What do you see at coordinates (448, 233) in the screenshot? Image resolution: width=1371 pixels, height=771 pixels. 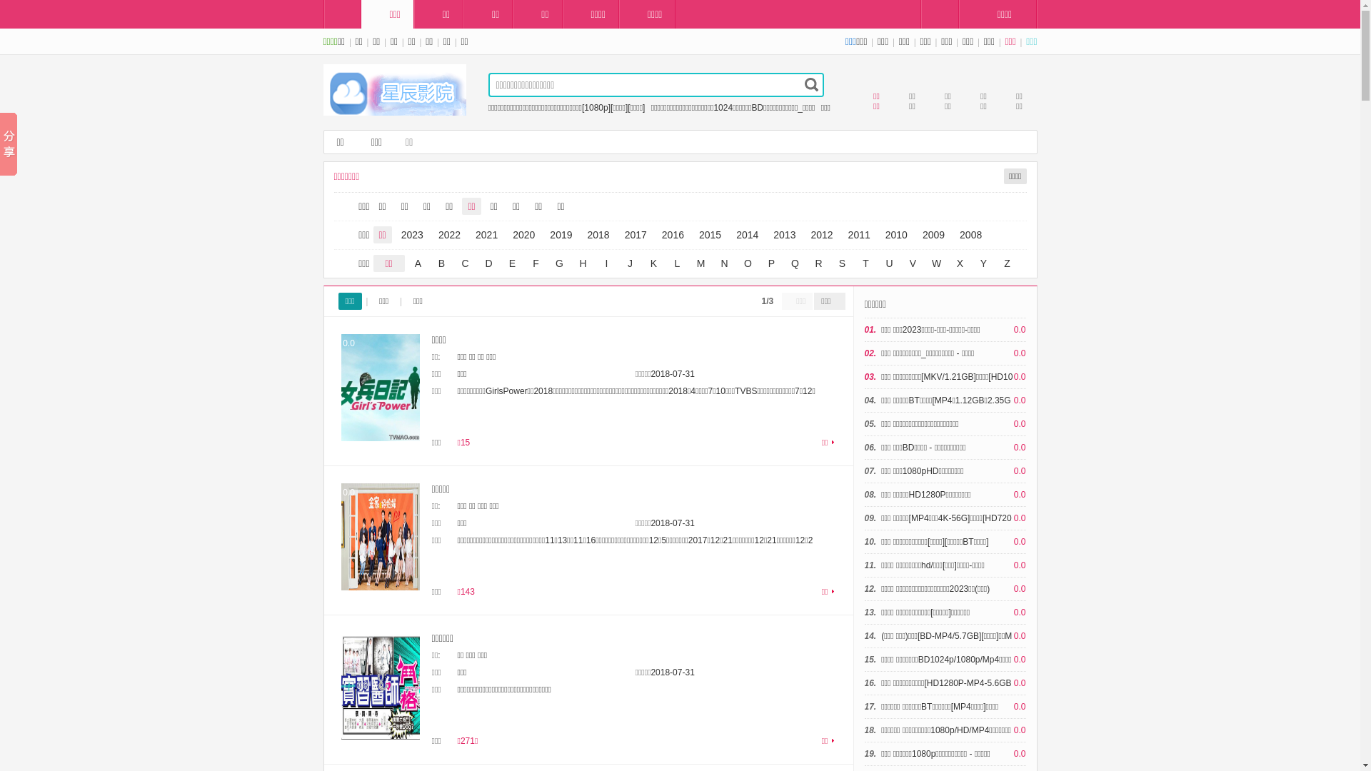 I see `'2022'` at bounding box center [448, 233].